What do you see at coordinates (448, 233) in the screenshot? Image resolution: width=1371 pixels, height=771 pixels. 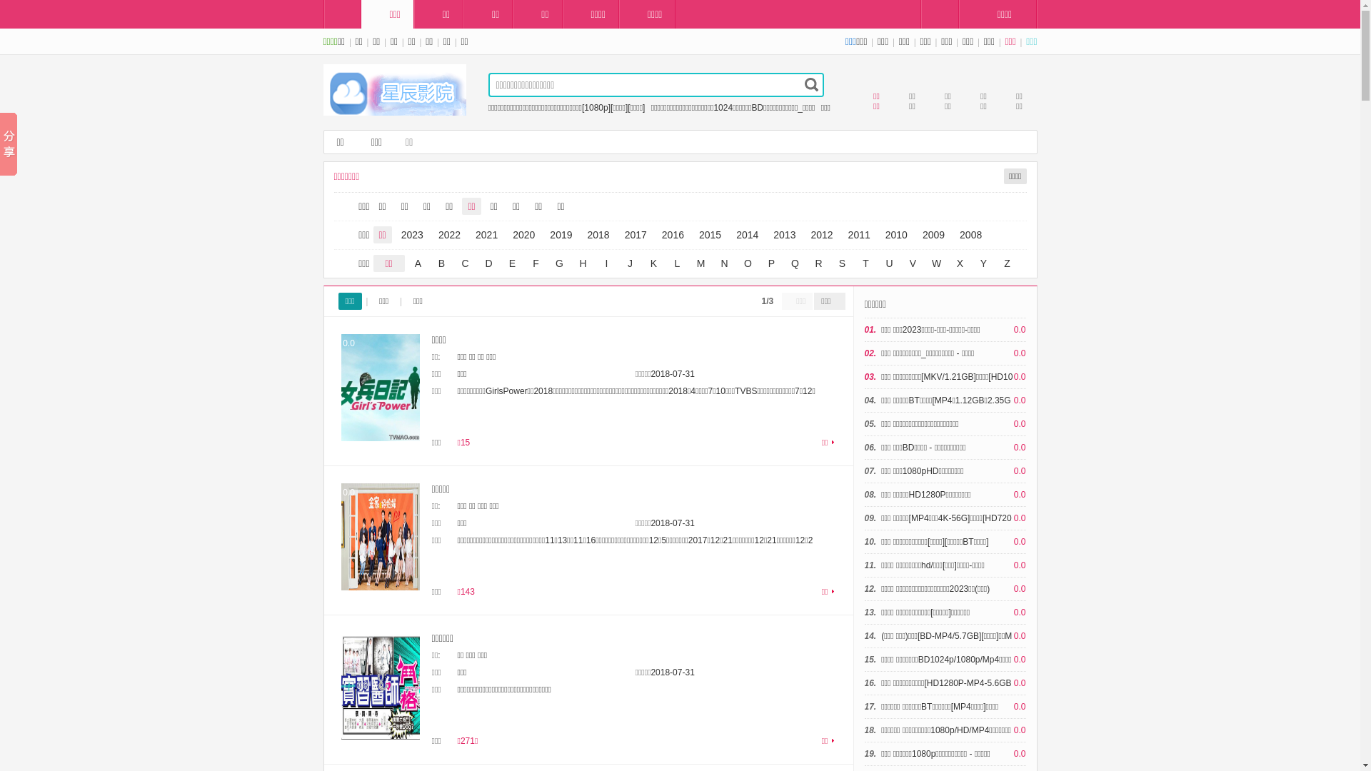 I see `'2022'` at bounding box center [448, 233].